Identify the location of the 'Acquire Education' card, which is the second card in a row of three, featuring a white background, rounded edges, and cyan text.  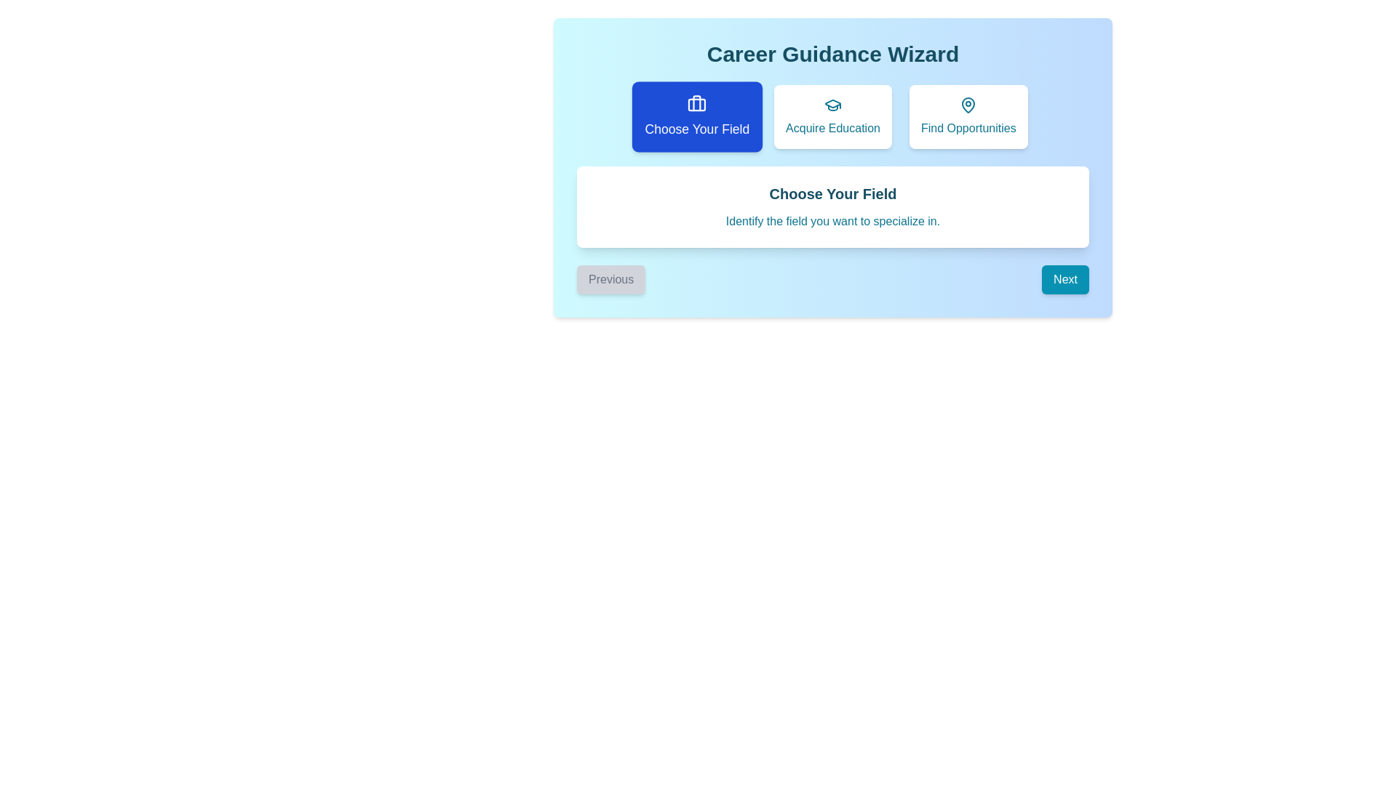
(833, 116).